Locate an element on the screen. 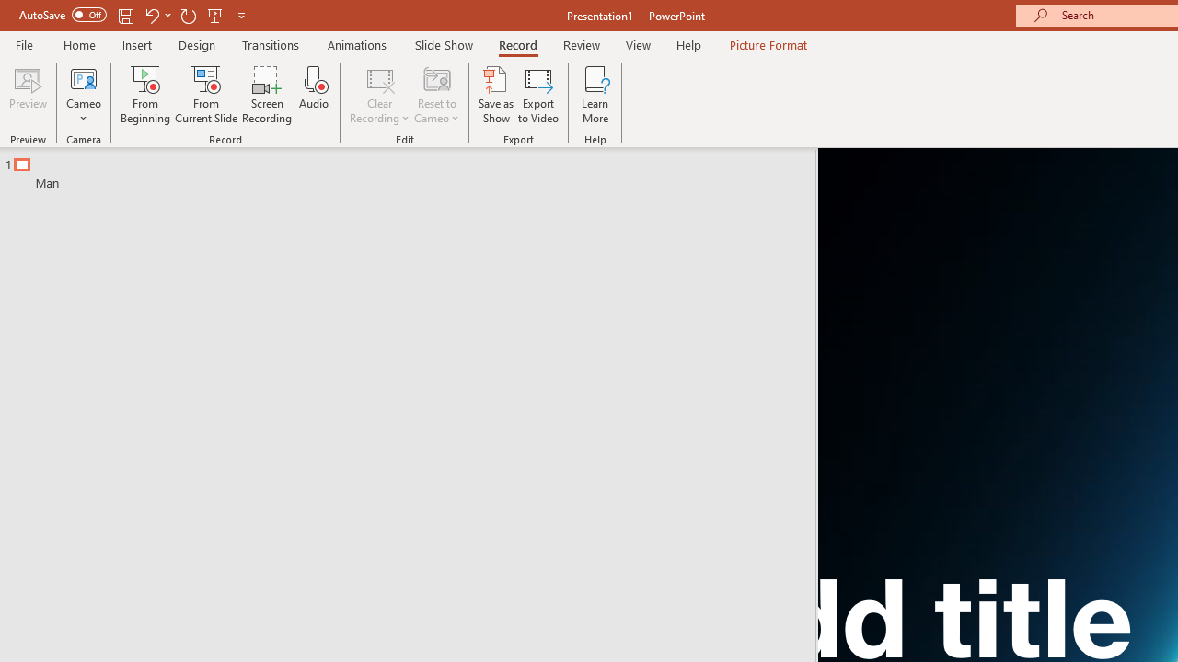 The image size is (1178, 662). 'Reset to Cameo' is located at coordinates (435, 95).